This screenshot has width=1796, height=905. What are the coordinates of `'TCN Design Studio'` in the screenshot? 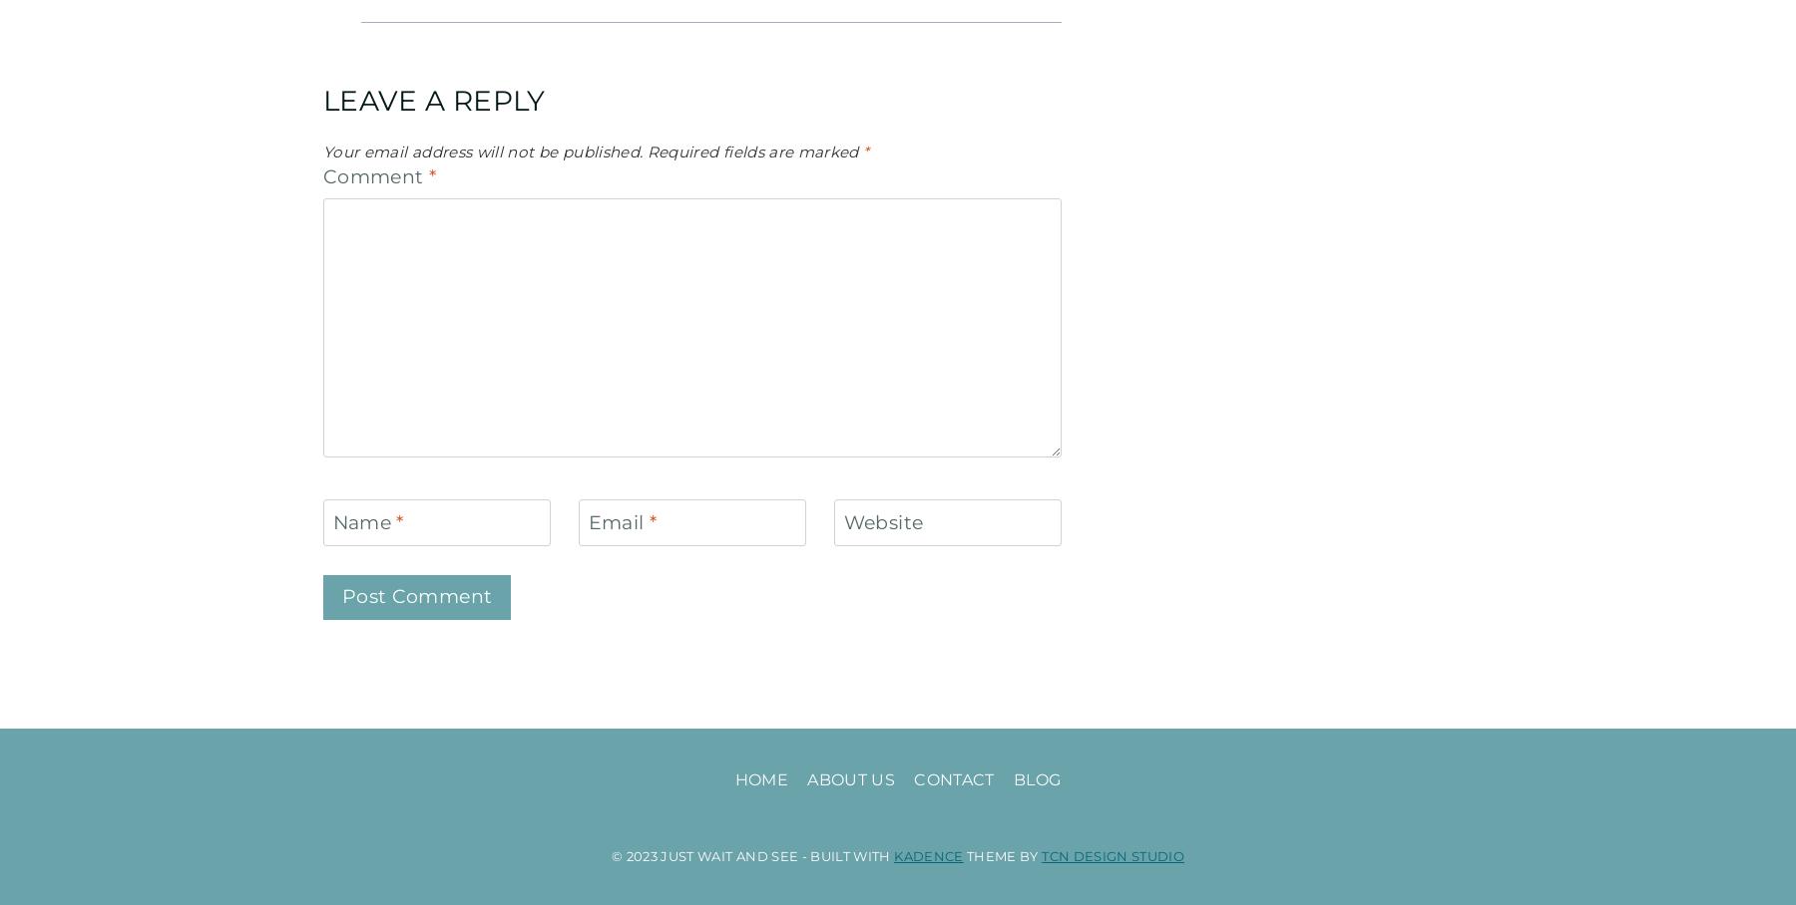 It's located at (1113, 853).